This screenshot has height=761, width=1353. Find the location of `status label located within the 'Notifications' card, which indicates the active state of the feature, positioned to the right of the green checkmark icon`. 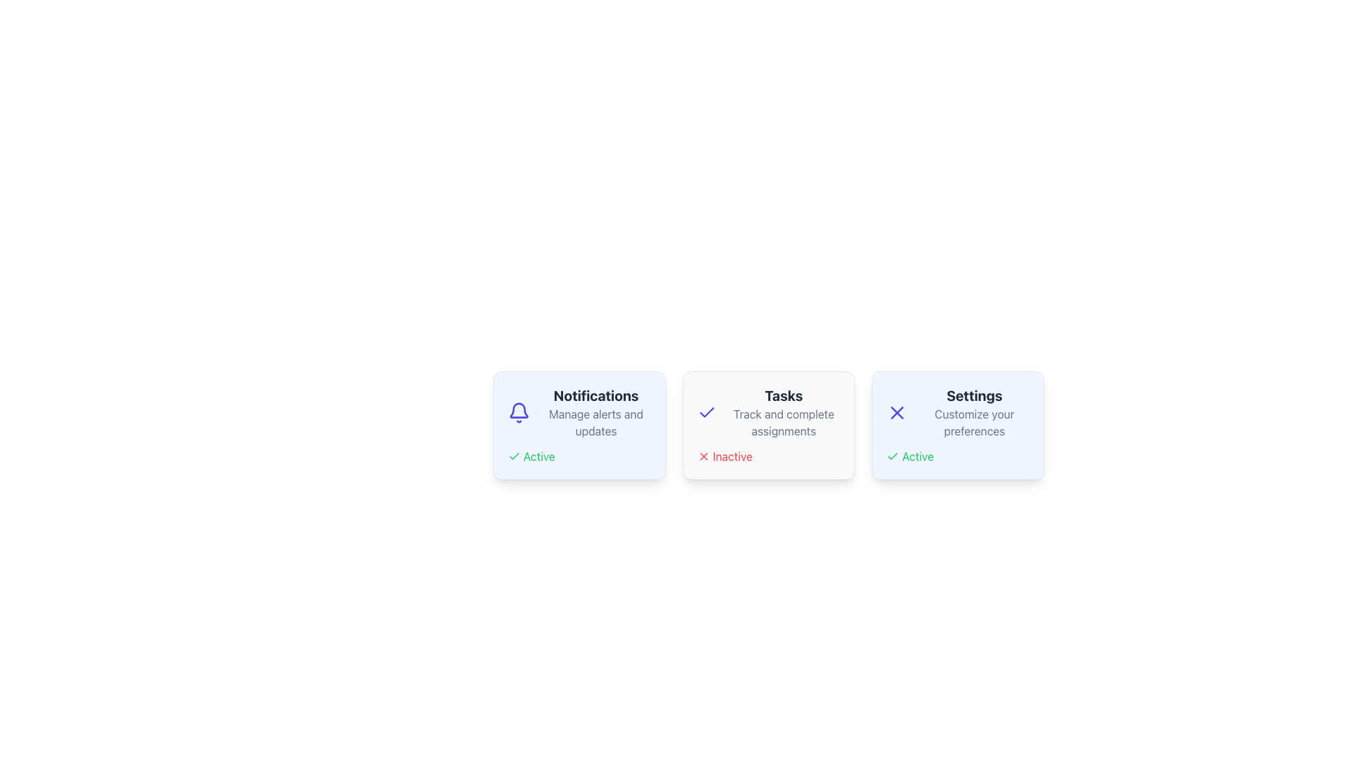

status label located within the 'Notifications' card, which indicates the active state of the feature, positioned to the right of the green checkmark icon is located at coordinates (538, 457).